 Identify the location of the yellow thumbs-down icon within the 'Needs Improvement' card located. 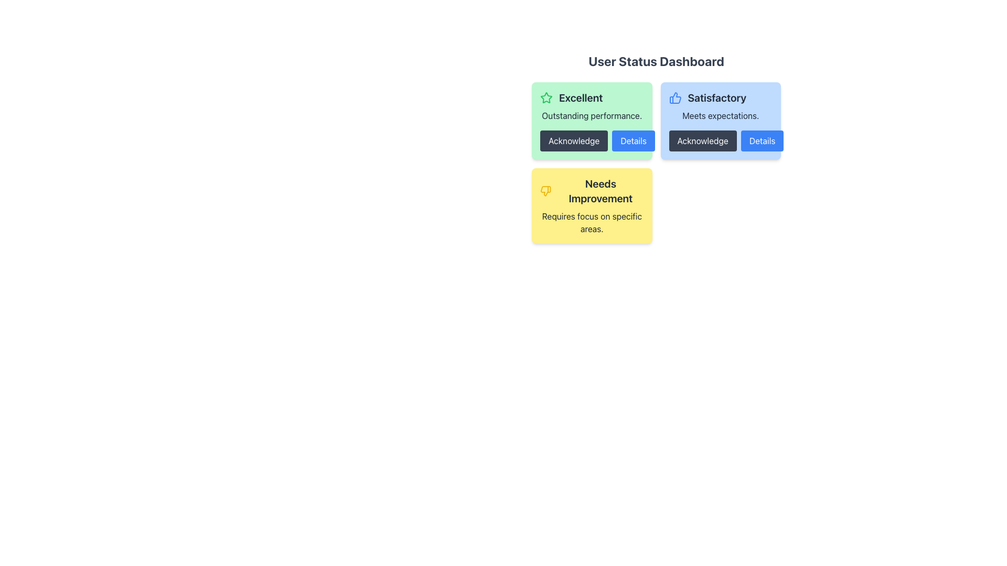
(545, 191).